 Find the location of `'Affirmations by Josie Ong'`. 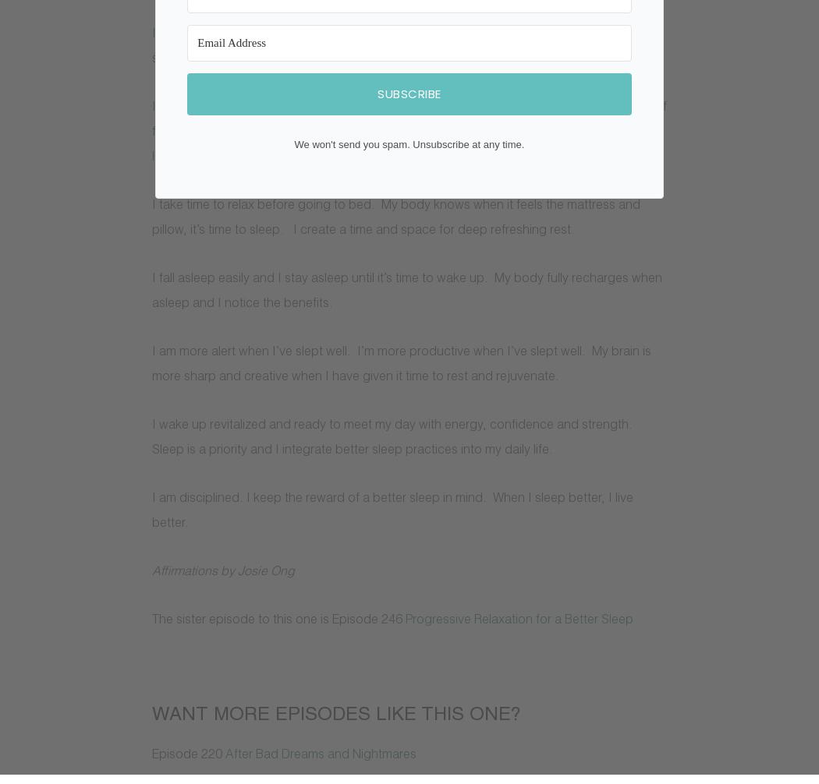

'Affirmations by Josie Ong' is located at coordinates (222, 571).